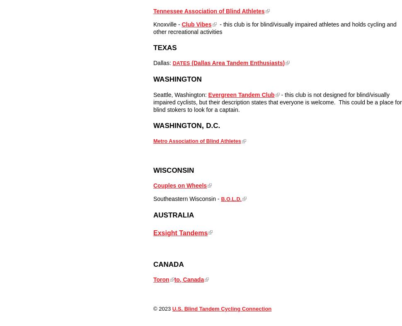  I want to click on 'Metro Association of Blind Athletes', so click(196, 140).